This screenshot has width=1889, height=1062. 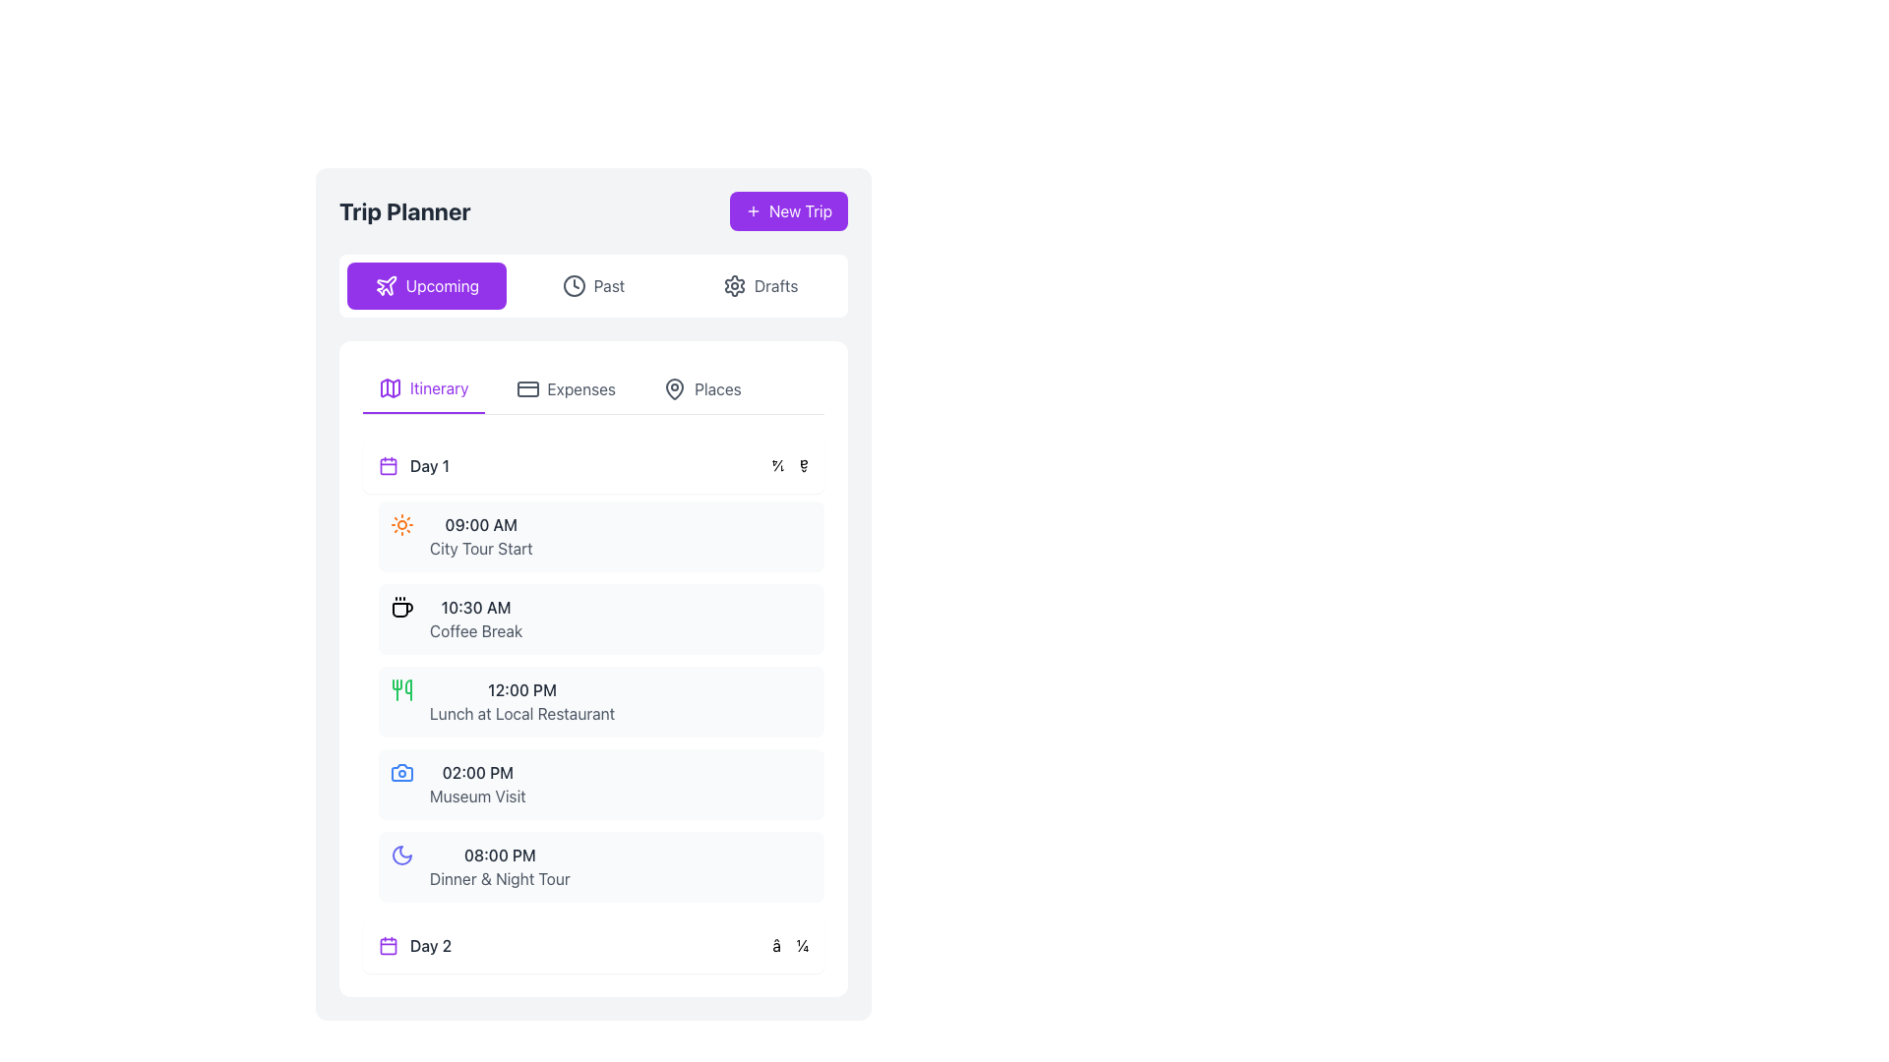 I want to click on the 'Expenses' menu option text label, so click(x=580, y=389).